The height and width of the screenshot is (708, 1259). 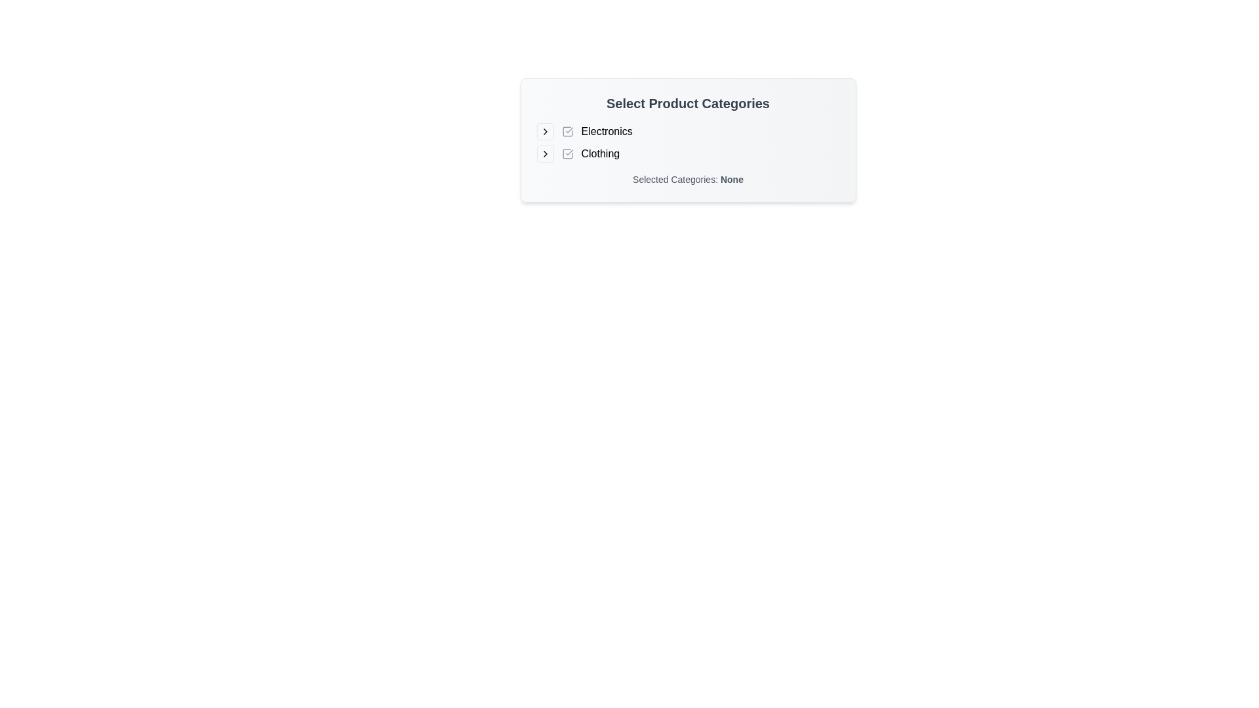 What do you see at coordinates (567, 153) in the screenshot?
I see `the checkbox next to the label 'Clothing'` at bounding box center [567, 153].